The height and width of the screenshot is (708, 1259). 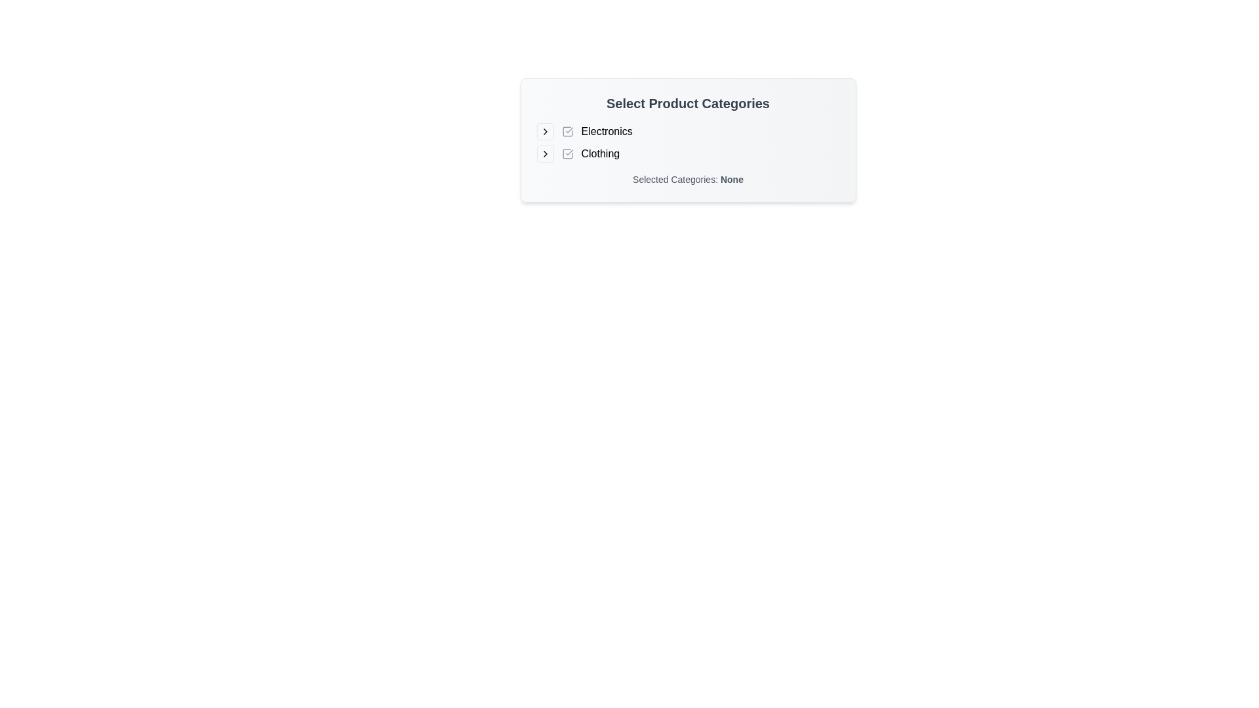 What do you see at coordinates (567, 153) in the screenshot?
I see `the checkbox next to the label 'Clothing'` at bounding box center [567, 153].